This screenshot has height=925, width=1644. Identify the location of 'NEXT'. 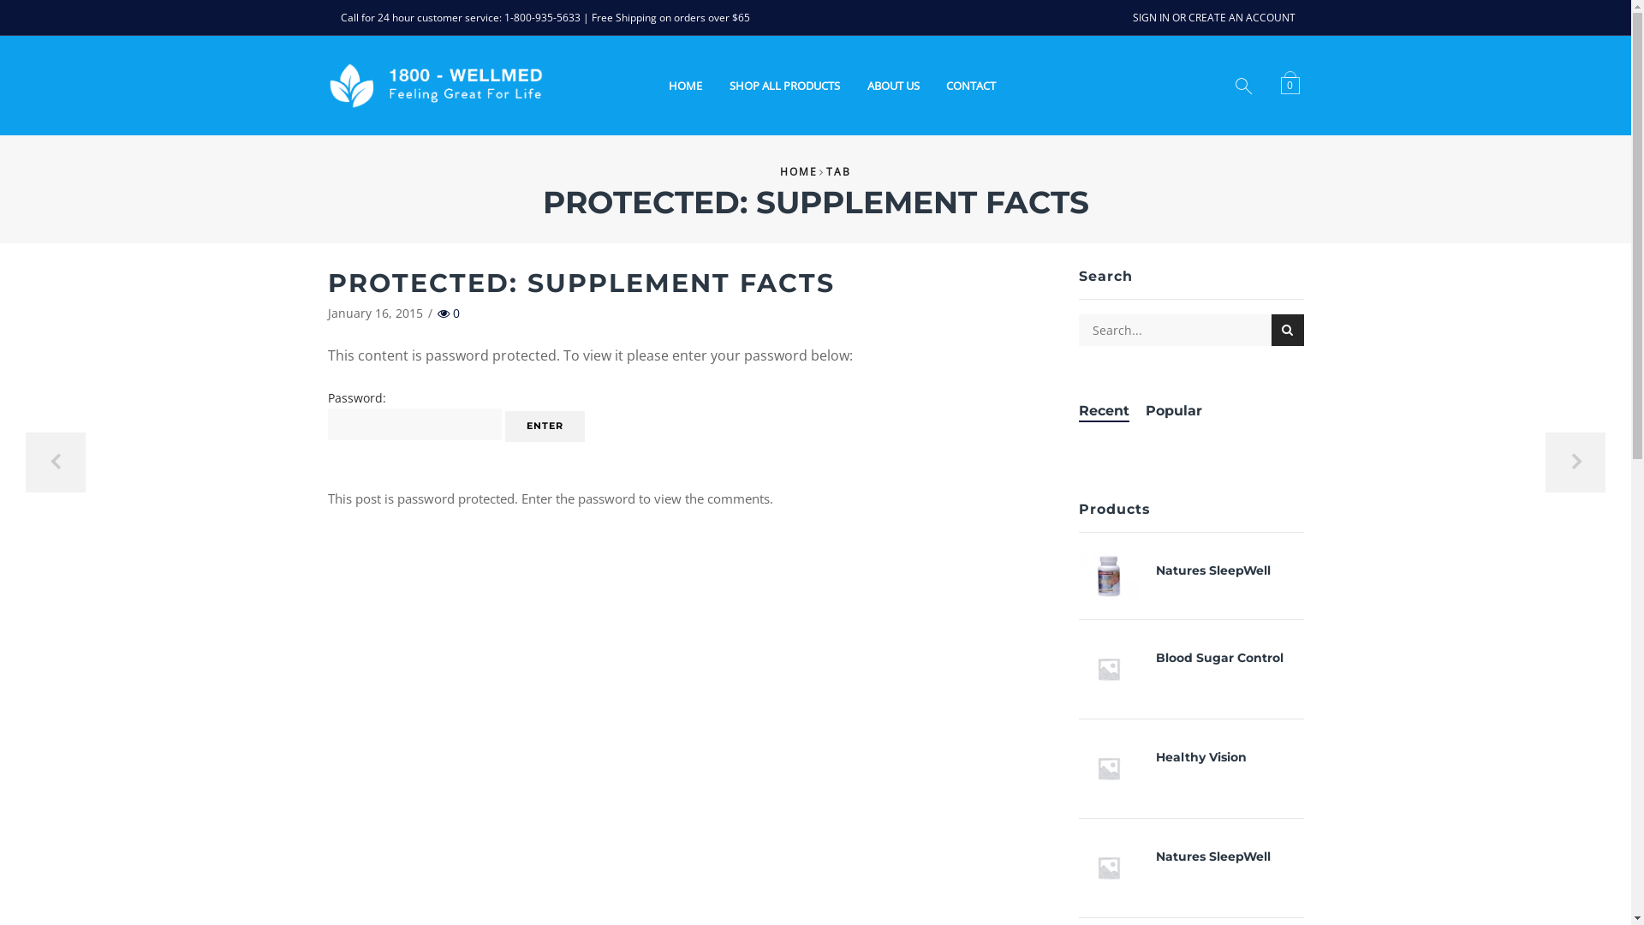
(1575, 462).